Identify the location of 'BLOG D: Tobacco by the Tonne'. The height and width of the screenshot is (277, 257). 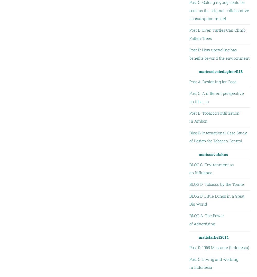
(216, 184).